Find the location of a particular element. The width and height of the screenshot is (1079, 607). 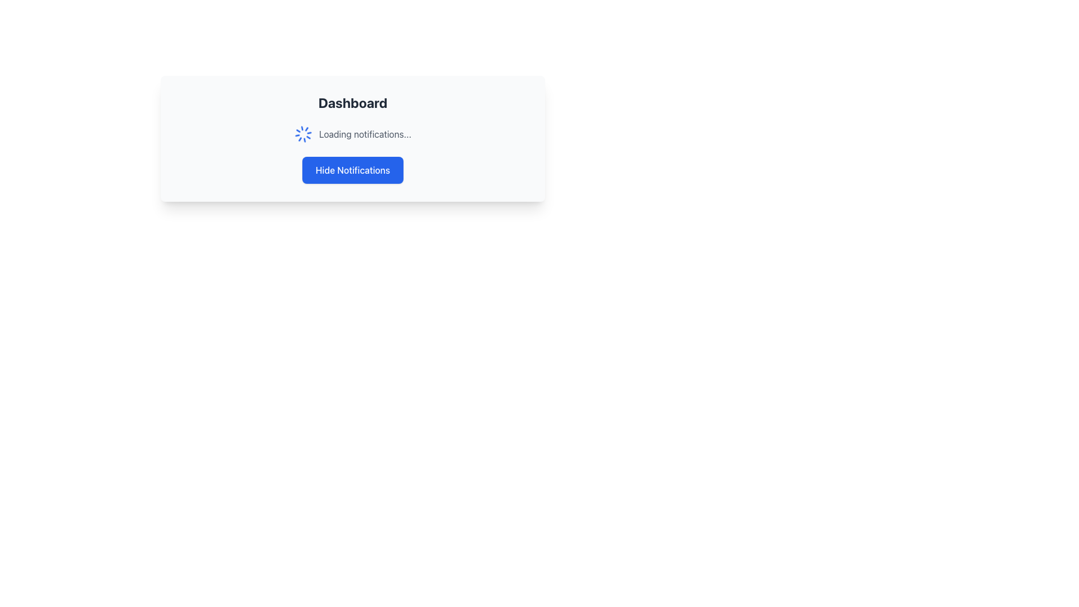

the informational text element with an animated icon that indicates the system is loading notifications is located at coordinates (352, 134).